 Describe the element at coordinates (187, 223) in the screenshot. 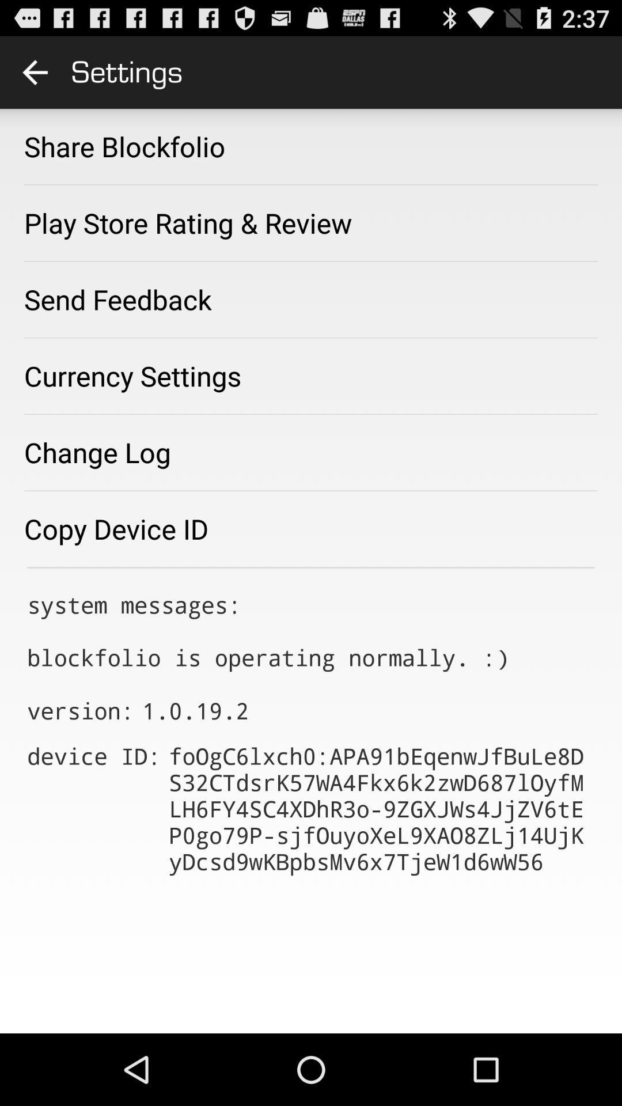

I see `the play store rating item` at that location.